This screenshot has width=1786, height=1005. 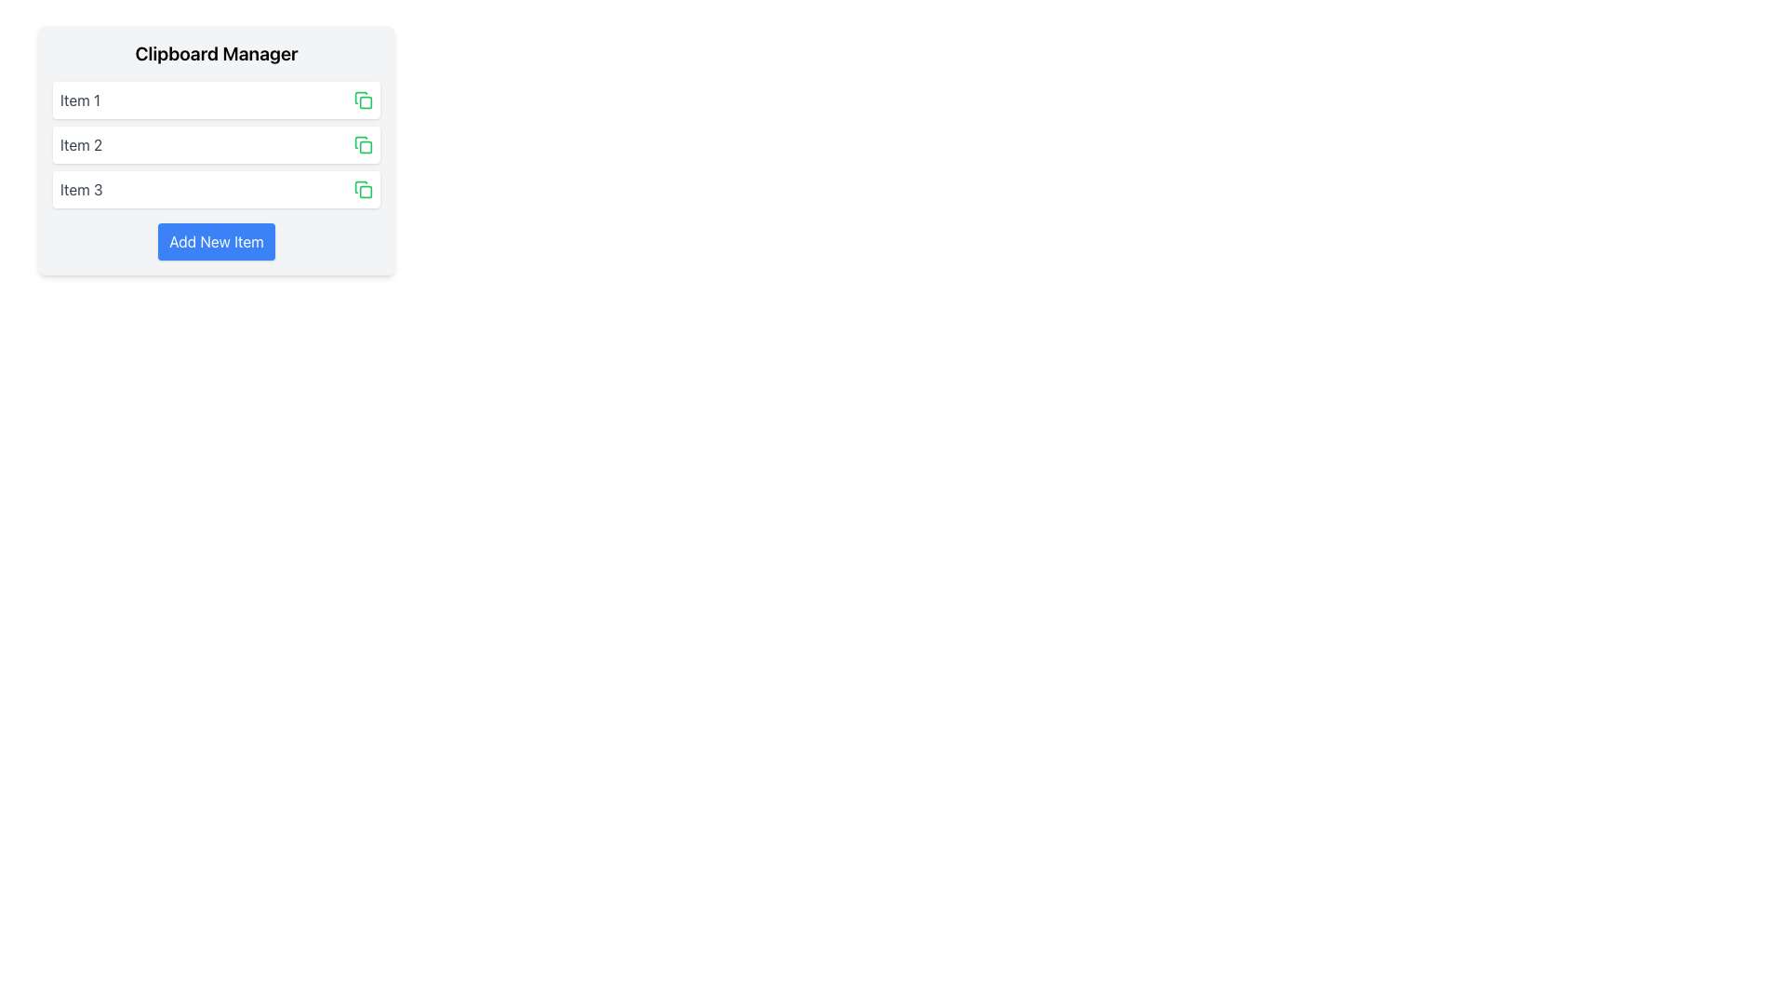 What do you see at coordinates (361, 98) in the screenshot?
I see `the small outlined document icon located to the right of 'Item 1' in the first row of the vertically stacked list` at bounding box center [361, 98].